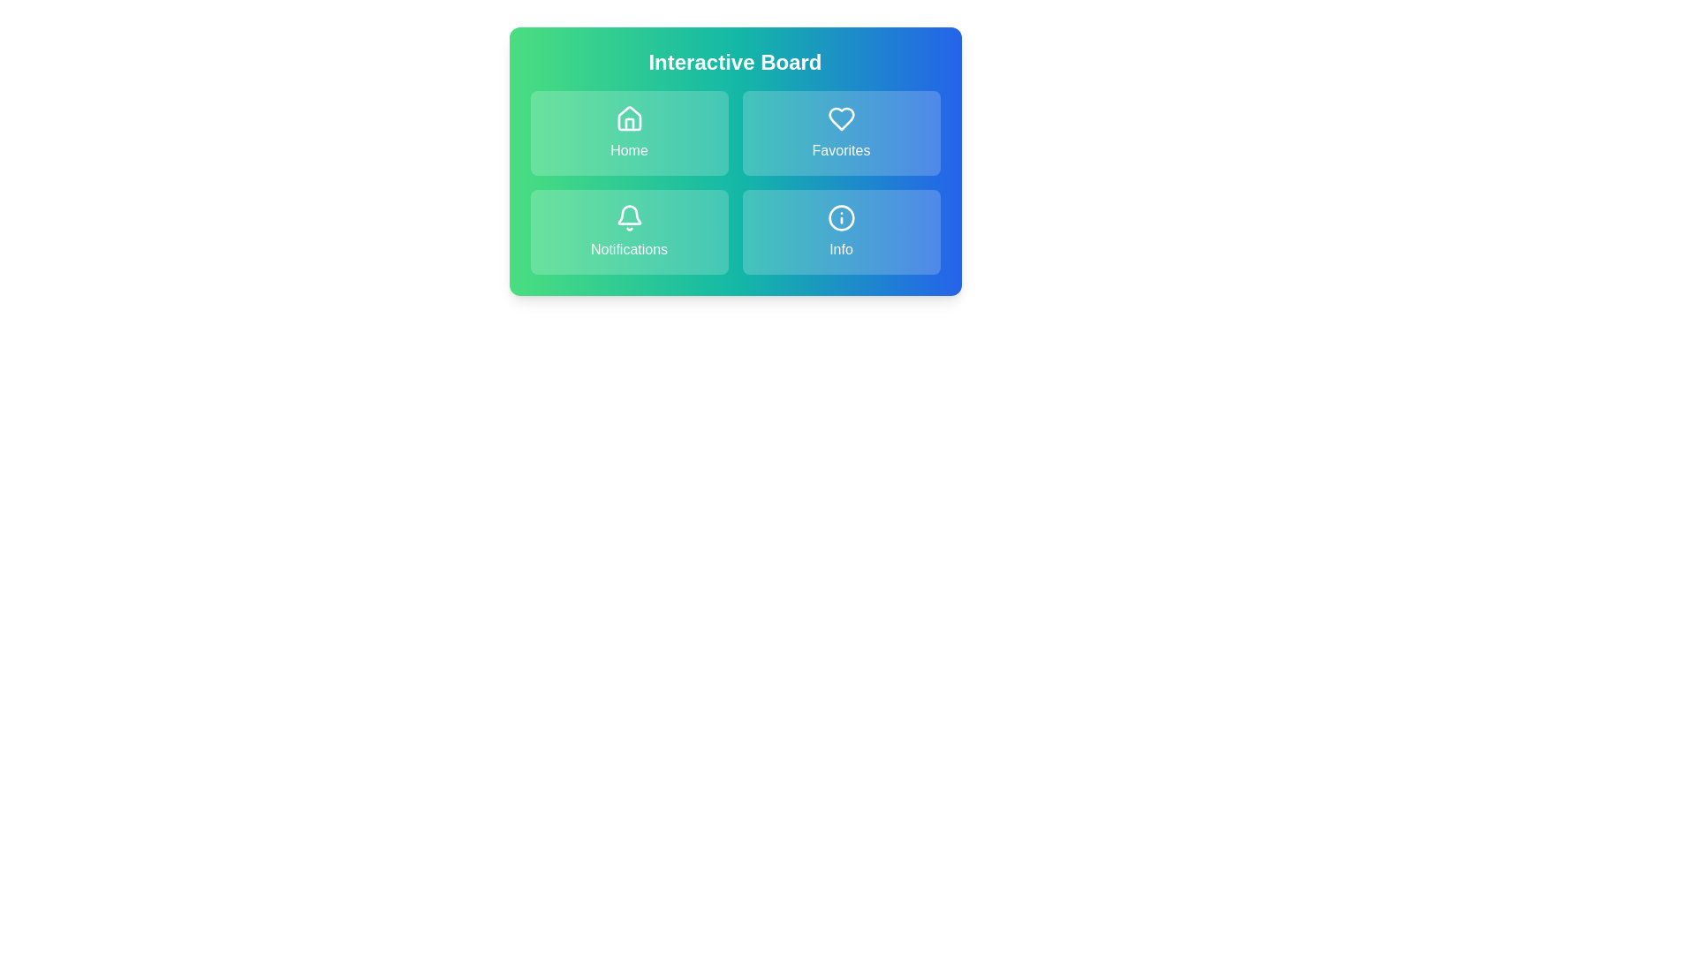 Image resolution: width=1696 pixels, height=954 pixels. What do you see at coordinates (840, 216) in the screenshot?
I see `the circular graphical feature that is part of the information icon, located in the rightmost widget of the second row beneath the title 'Interactive Board'` at bounding box center [840, 216].